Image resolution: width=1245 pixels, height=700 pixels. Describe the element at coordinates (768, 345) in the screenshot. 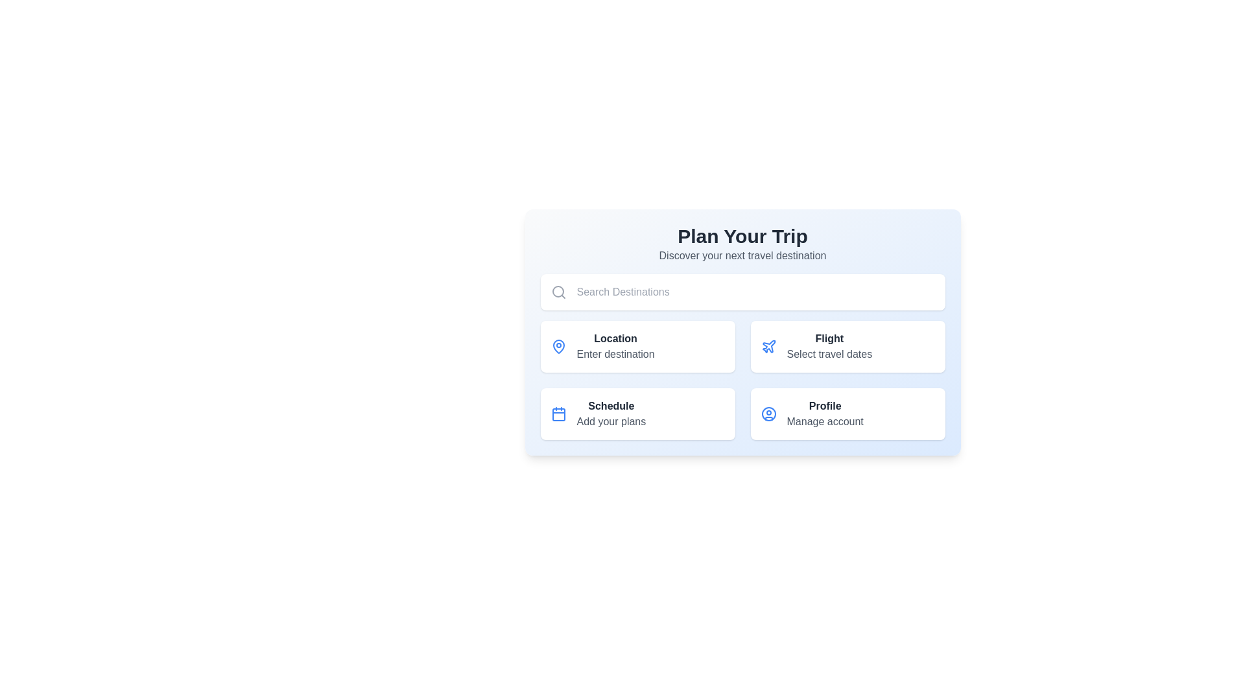

I see `the flight symbol icon located in the second row's right module, which indicates flight-related functionalities` at that location.